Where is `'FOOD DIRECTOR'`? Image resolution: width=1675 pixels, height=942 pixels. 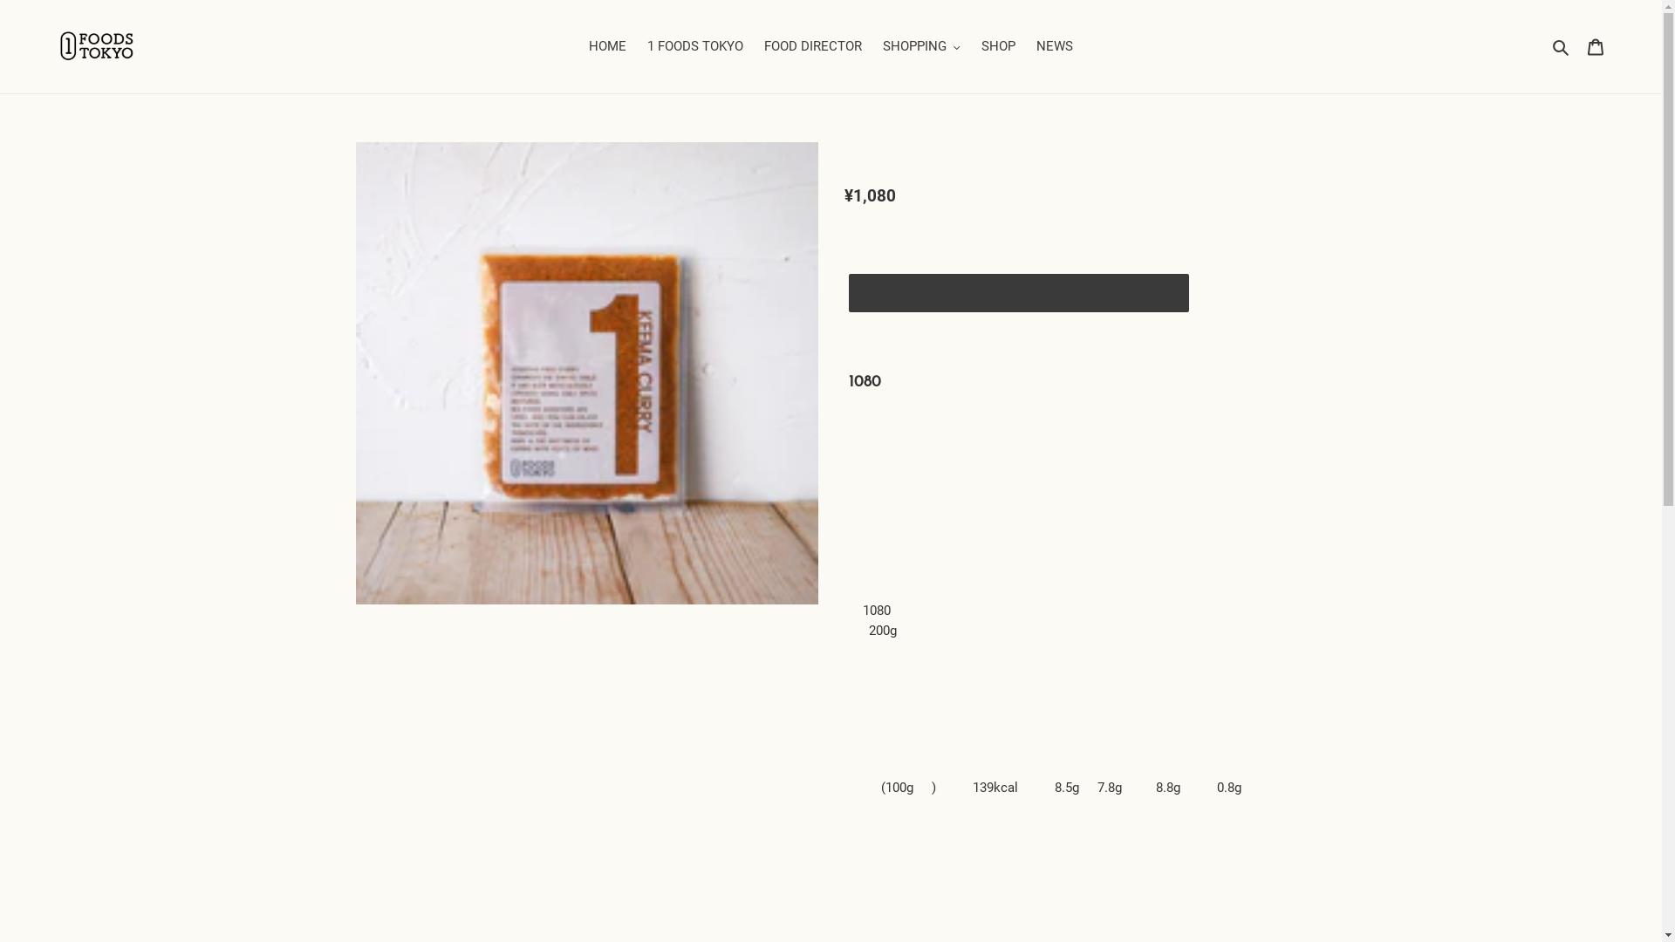 'FOOD DIRECTOR' is located at coordinates (811, 45).